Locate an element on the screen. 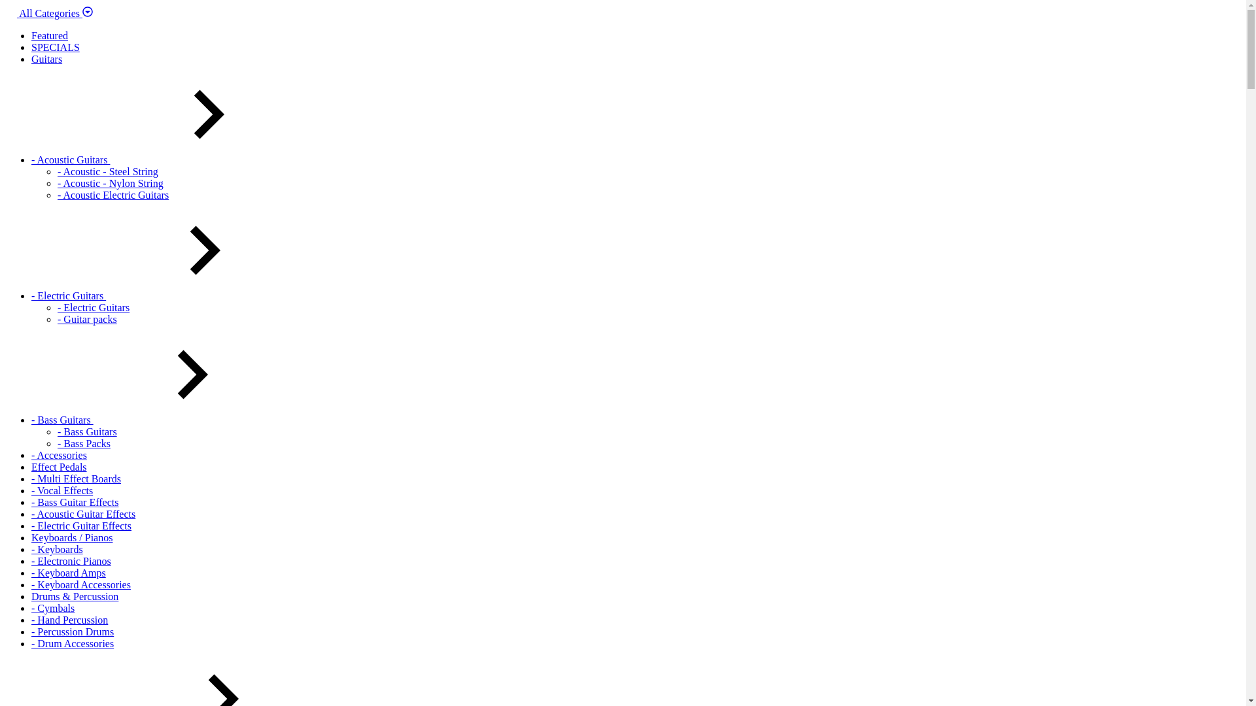 The image size is (1256, 706). '- Bass Guitar Effects' is located at coordinates (74, 501).